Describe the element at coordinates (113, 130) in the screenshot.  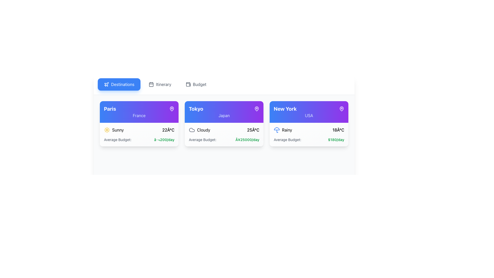
I see `the 'Sunny' text with the sun icon located at the top-left of the Paris destination card` at that location.